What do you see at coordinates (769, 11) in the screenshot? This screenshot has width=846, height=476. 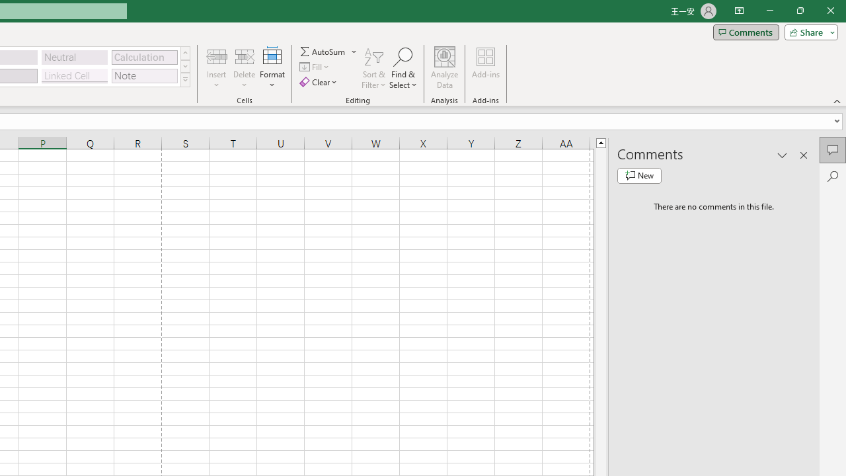 I see `'Minimize'` at bounding box center [769, 11].